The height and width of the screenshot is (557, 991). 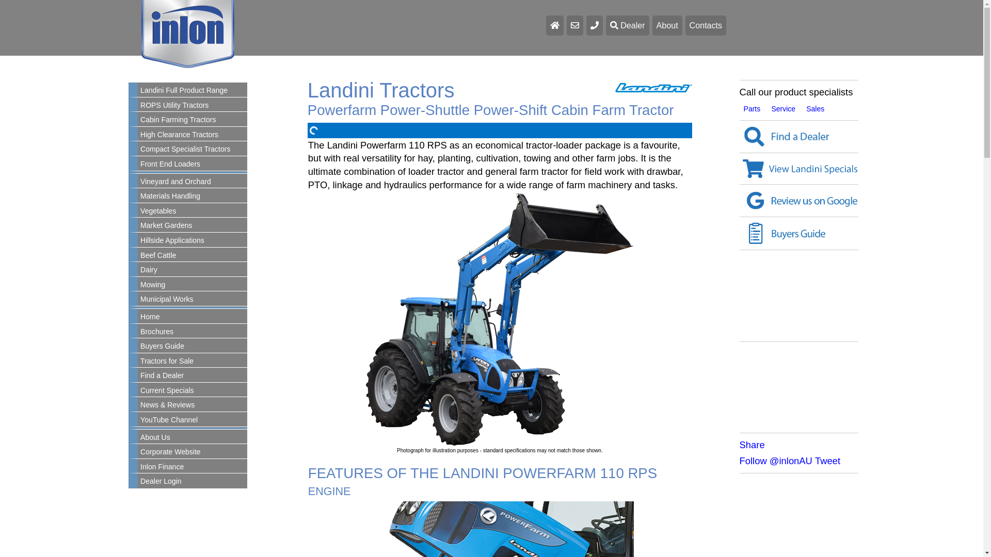 What do you see at coordinates (193, 270) in the screenshot?
I see `'Dairy'` at bounding box center [193, 270].